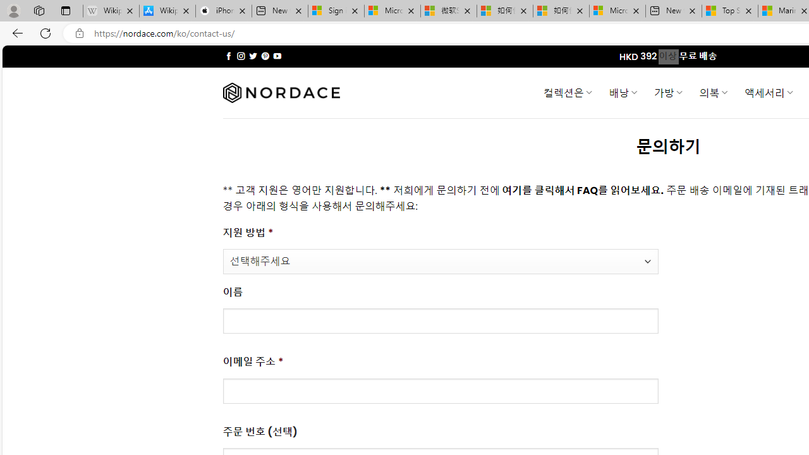 Image resolution: width=809 pixels, height=455 pixels. I want to click on 'Follow on Instagram', so click(241, 56).